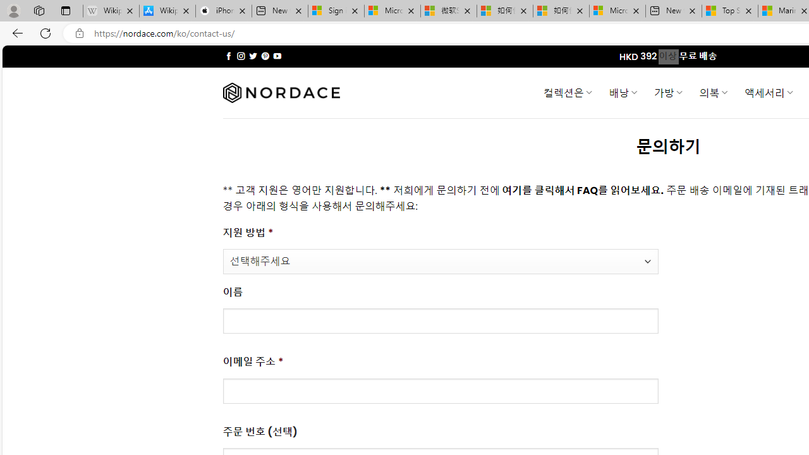 Image resolution: width=809 pixels, height=455 pixels. I want to click on 'Follow on Instagram', so click(241, 56).